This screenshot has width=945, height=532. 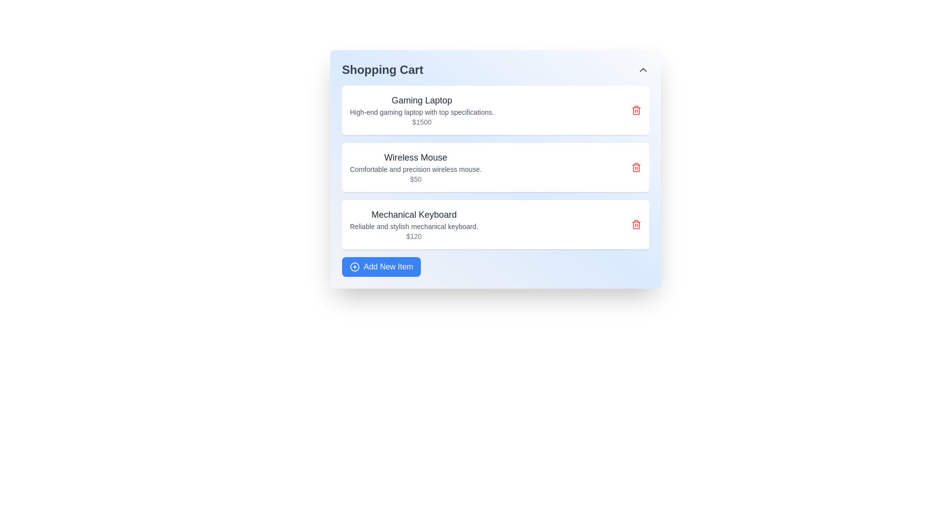 What do you see at coordinates (415, 166) in the screenshot?
I see `the display element containing the title 'Wireless Mouse', the description 'Comfortable and precision wireless mouse.', and the price tag '$50', which is part of a card-style UI in the shopping cart interface` at bounding box center [415, 166].